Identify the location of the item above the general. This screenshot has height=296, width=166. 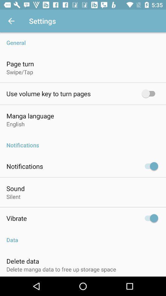
(11, 21).